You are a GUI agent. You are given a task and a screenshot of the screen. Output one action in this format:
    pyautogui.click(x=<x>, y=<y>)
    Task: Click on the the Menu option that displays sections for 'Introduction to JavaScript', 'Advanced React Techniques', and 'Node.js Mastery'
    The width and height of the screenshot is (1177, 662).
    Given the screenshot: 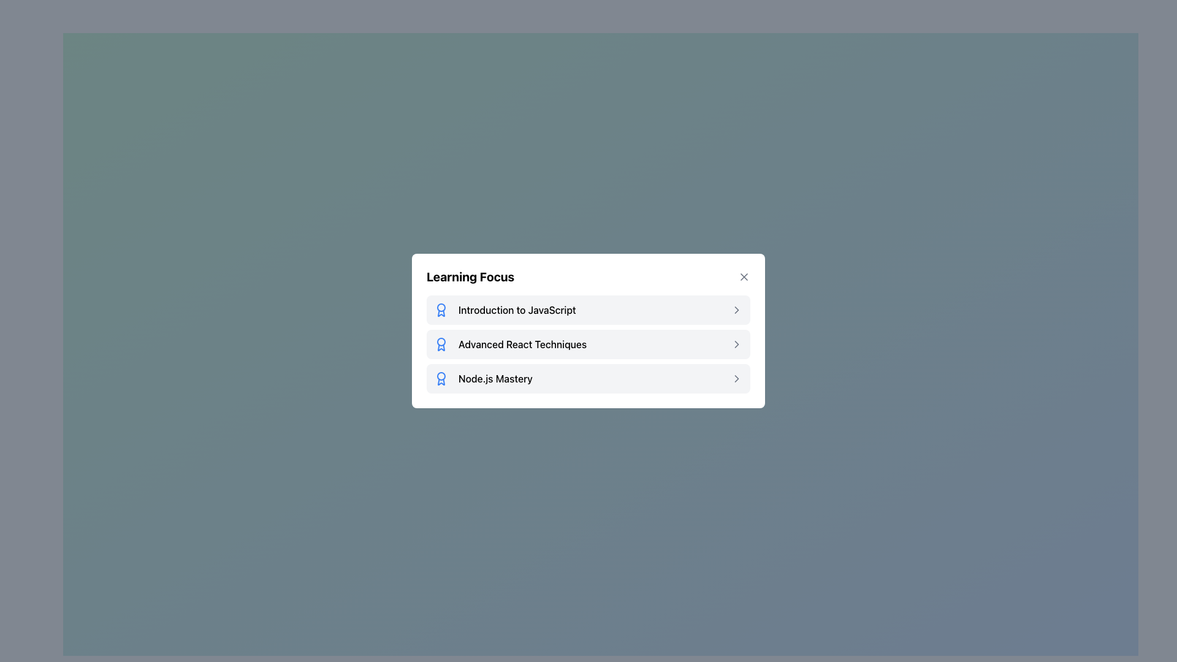 What is the action you would take?
    pyautogui.click(x=588, y=331)
    